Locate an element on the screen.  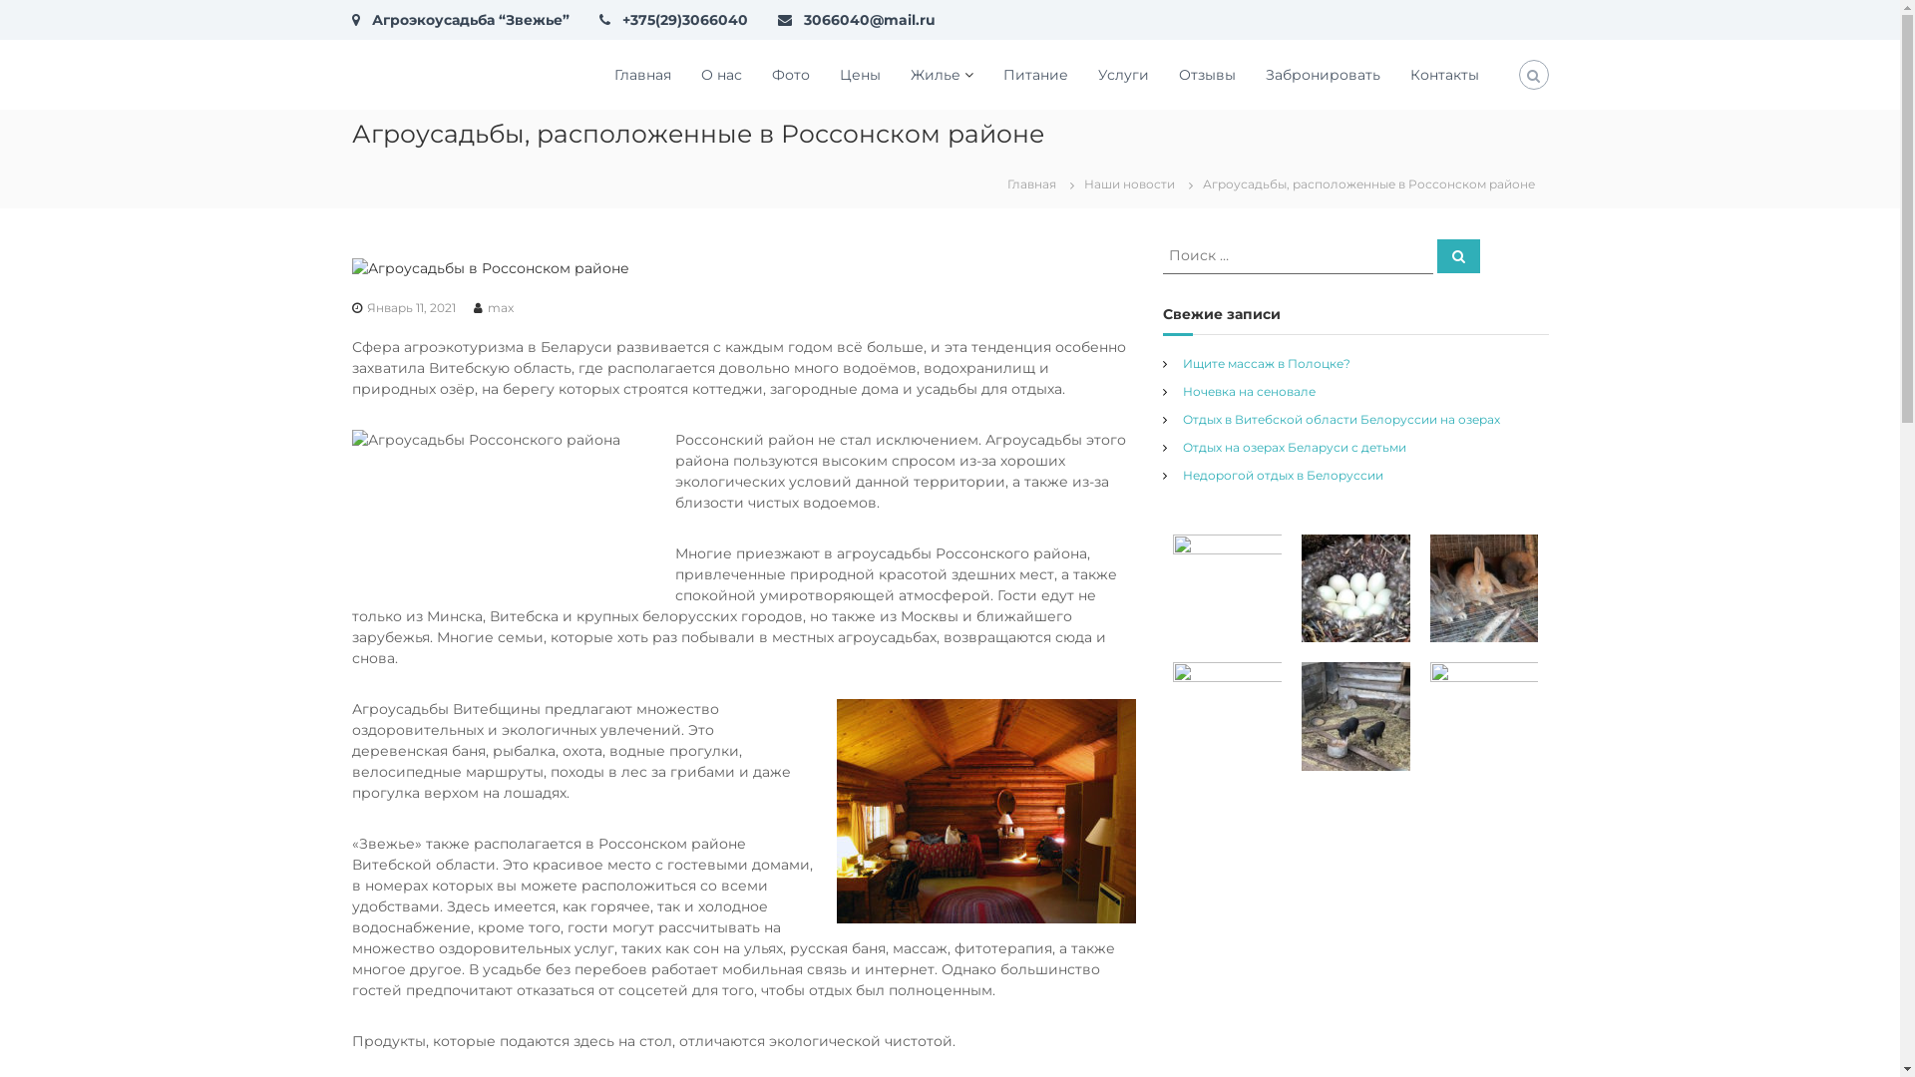
'max' is located at coordinates (499, 307).